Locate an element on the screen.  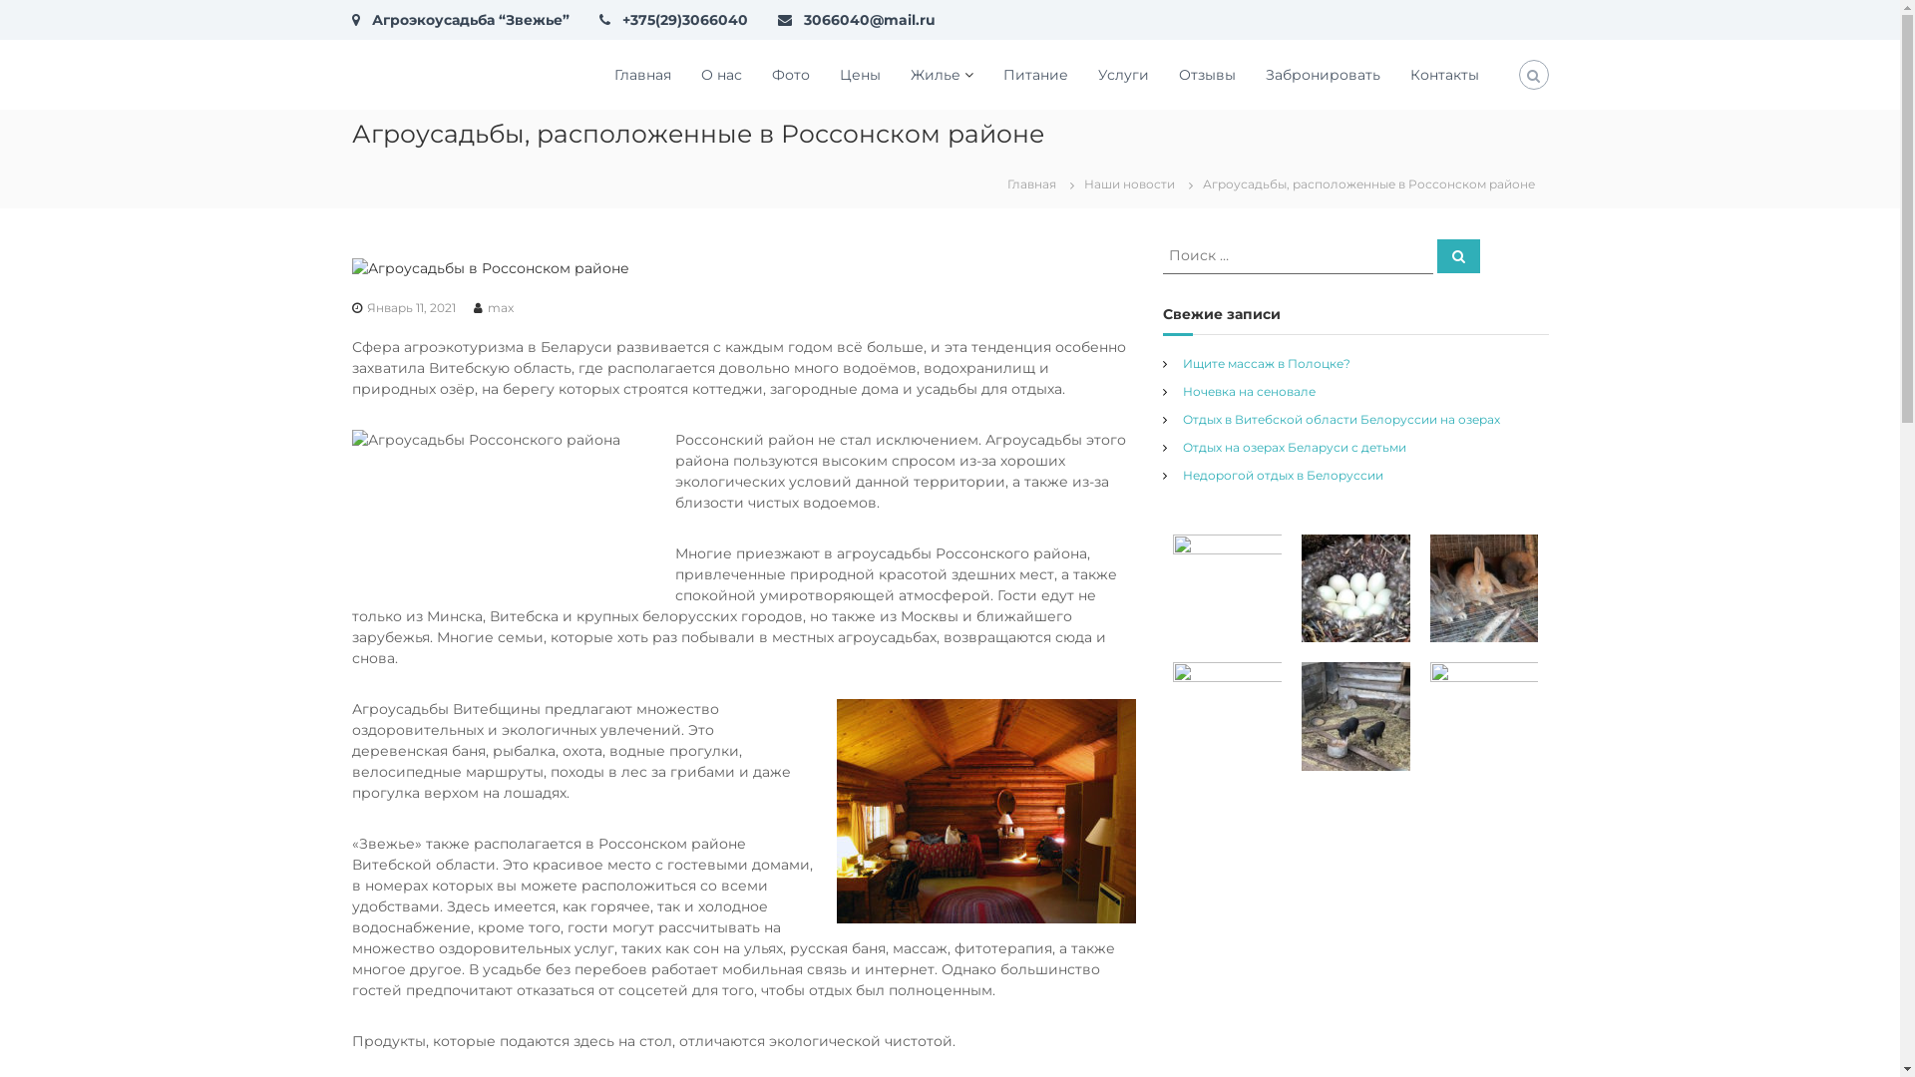
'max' is located at coordinates (499, 307).